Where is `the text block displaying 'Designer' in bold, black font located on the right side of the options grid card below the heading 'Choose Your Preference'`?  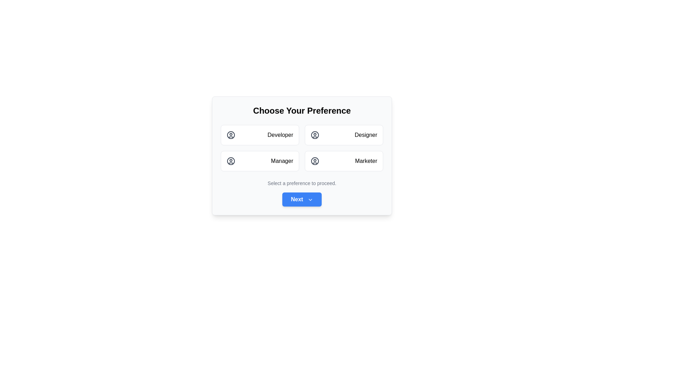
the text block displaying 'Designer' in bold, black font located on the right side of the options grid card below the heading 'Choose Your Preference' is located at coordinates (366, 135).